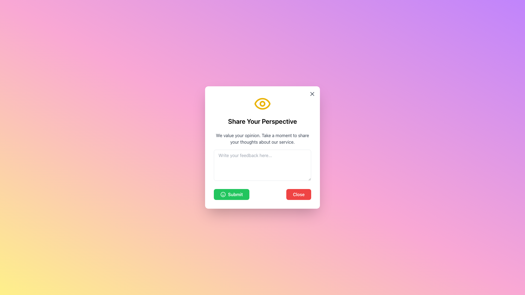 The image size is (525, 295). What do you see at coordinates (298, 194) in the screenshot?
I see `the close button located at the bottom-right of the modal dialog to change its color to a darker shade` at bounding box center [298, 194].